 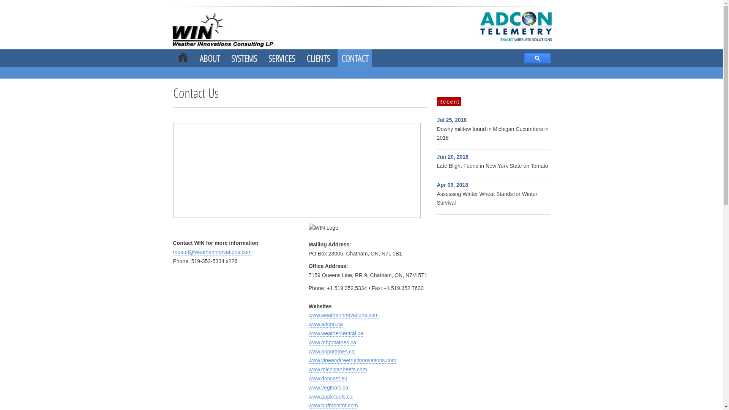 What do you see at coordinates (308, 378) in the screenshot?
I see `'www.doncast.eu'` at bounding box center [308, 378].